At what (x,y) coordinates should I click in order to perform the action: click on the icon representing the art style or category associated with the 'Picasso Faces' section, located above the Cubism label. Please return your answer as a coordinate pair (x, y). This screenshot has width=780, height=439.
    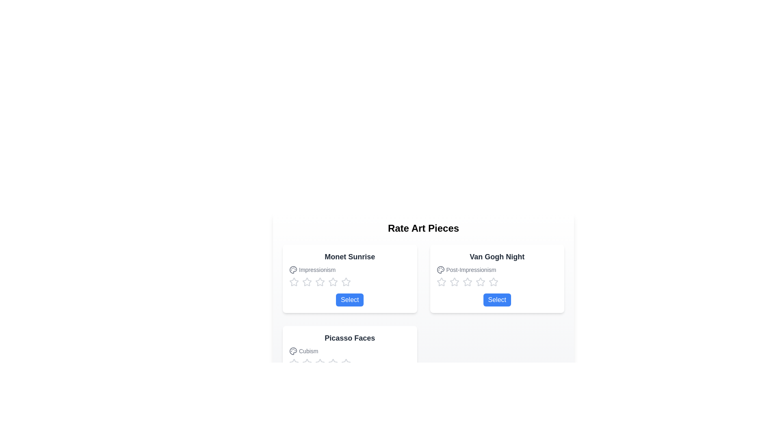
    Looking at the image, I should click on (292, 351).